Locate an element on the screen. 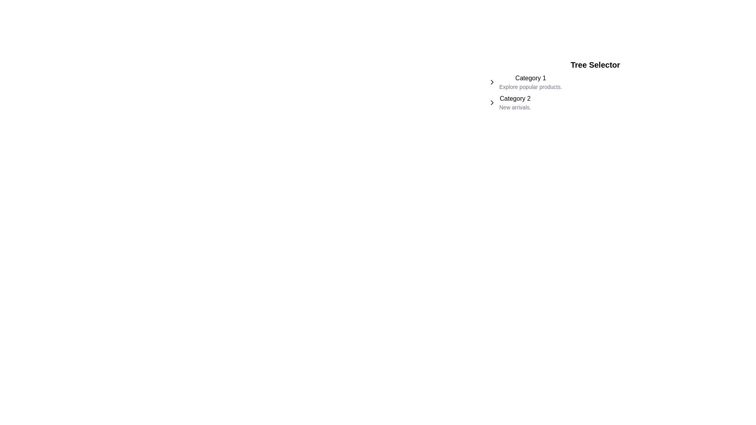 The width and height of the screenshot is (756, 425). the chevron right icon located to the left of the 'Category 2' text is located at coordinates (491, 102).